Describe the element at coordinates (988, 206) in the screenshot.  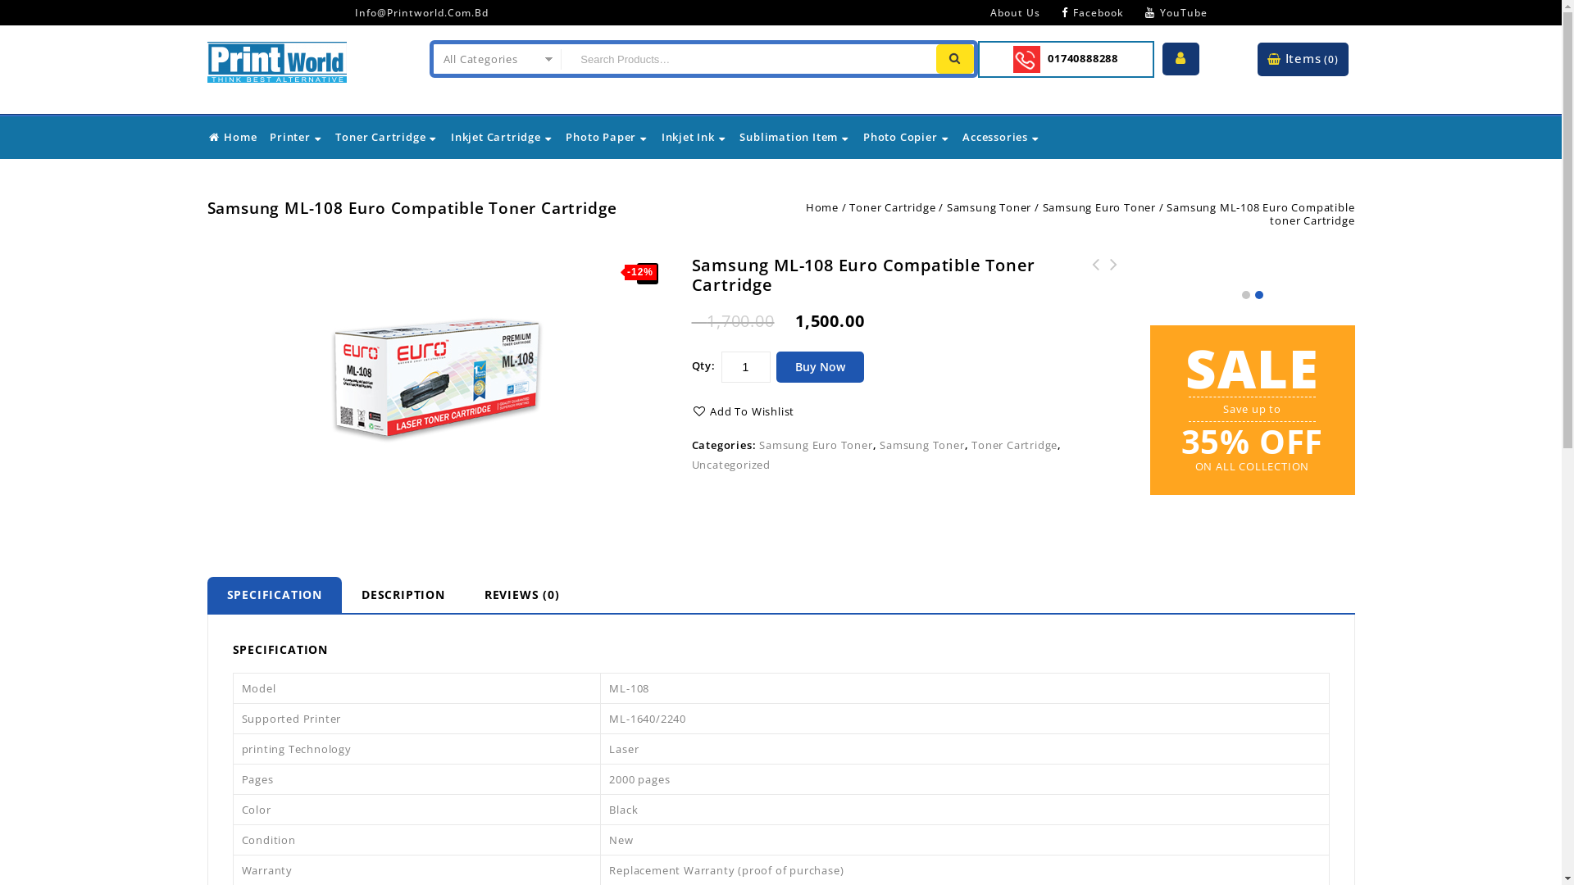
I see `'Samsung Toner'` at that location.